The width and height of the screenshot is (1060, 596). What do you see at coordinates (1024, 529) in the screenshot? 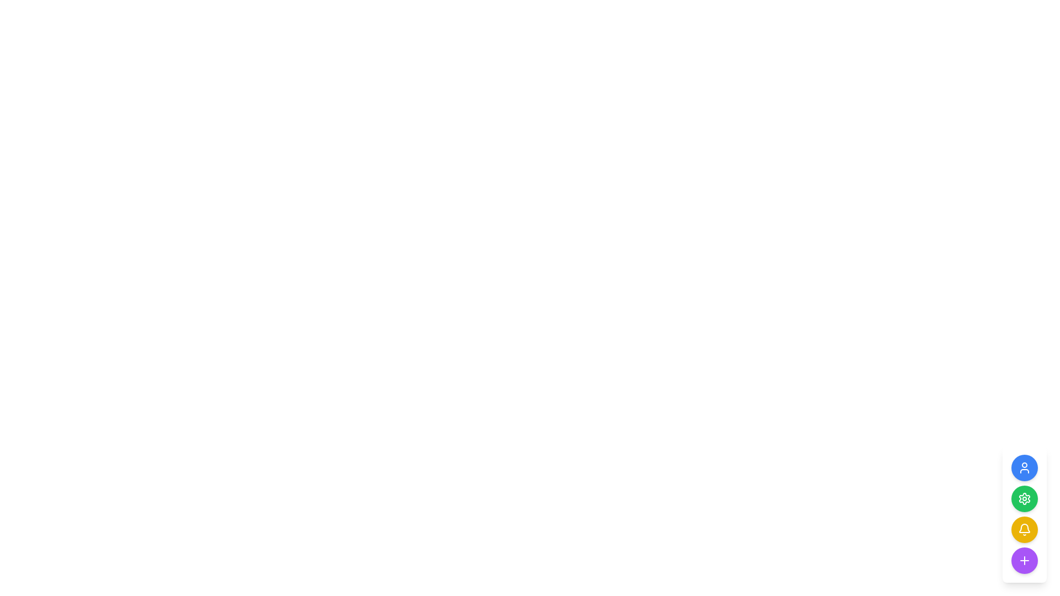
I see `the notification icon button, which is represented by a bell icon` at bounding box center [1024, 529].